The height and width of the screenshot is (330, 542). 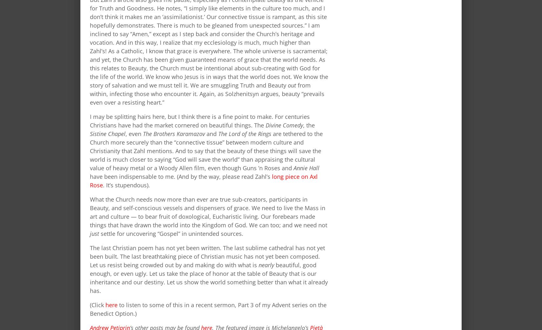 I want to click on 'The last Christian poem has not yet been written. The last sublime cathedral has not yet been built. The last breathtaking piece of Christian music has not yet been composed. Let us resist being crowded out by and making do with what is', so click(x=207, y=256).